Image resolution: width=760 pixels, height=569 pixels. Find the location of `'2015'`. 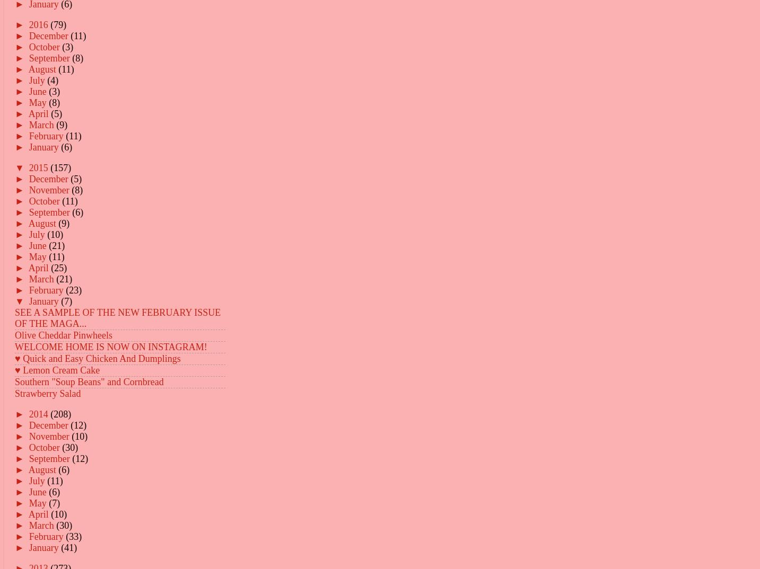

'2015' is located at coordinates (39, 167).